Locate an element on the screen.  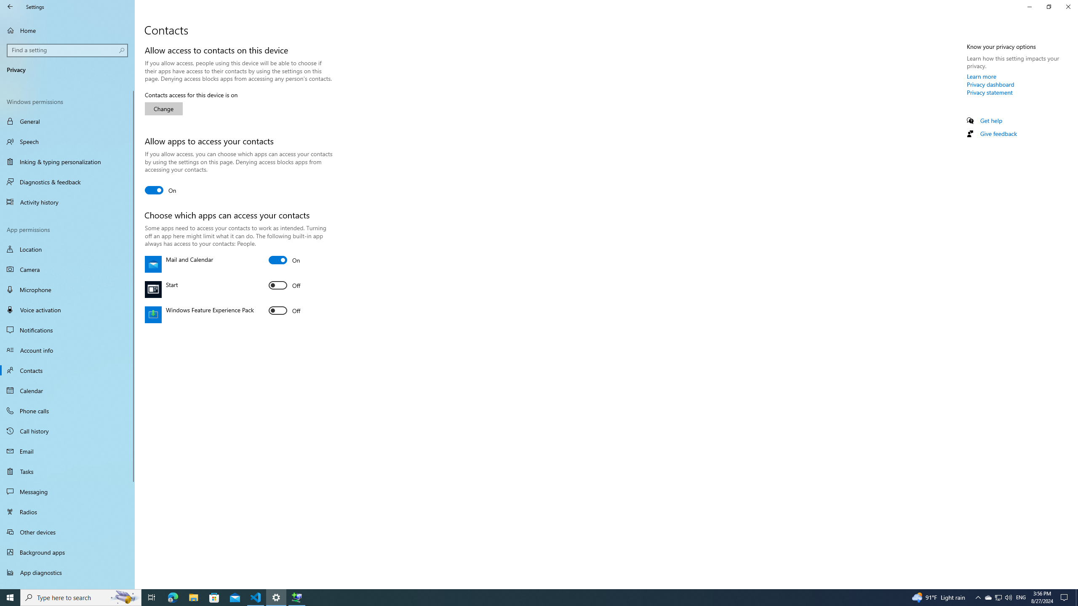
'App diagnostics' is located at coordinates (67, 572).